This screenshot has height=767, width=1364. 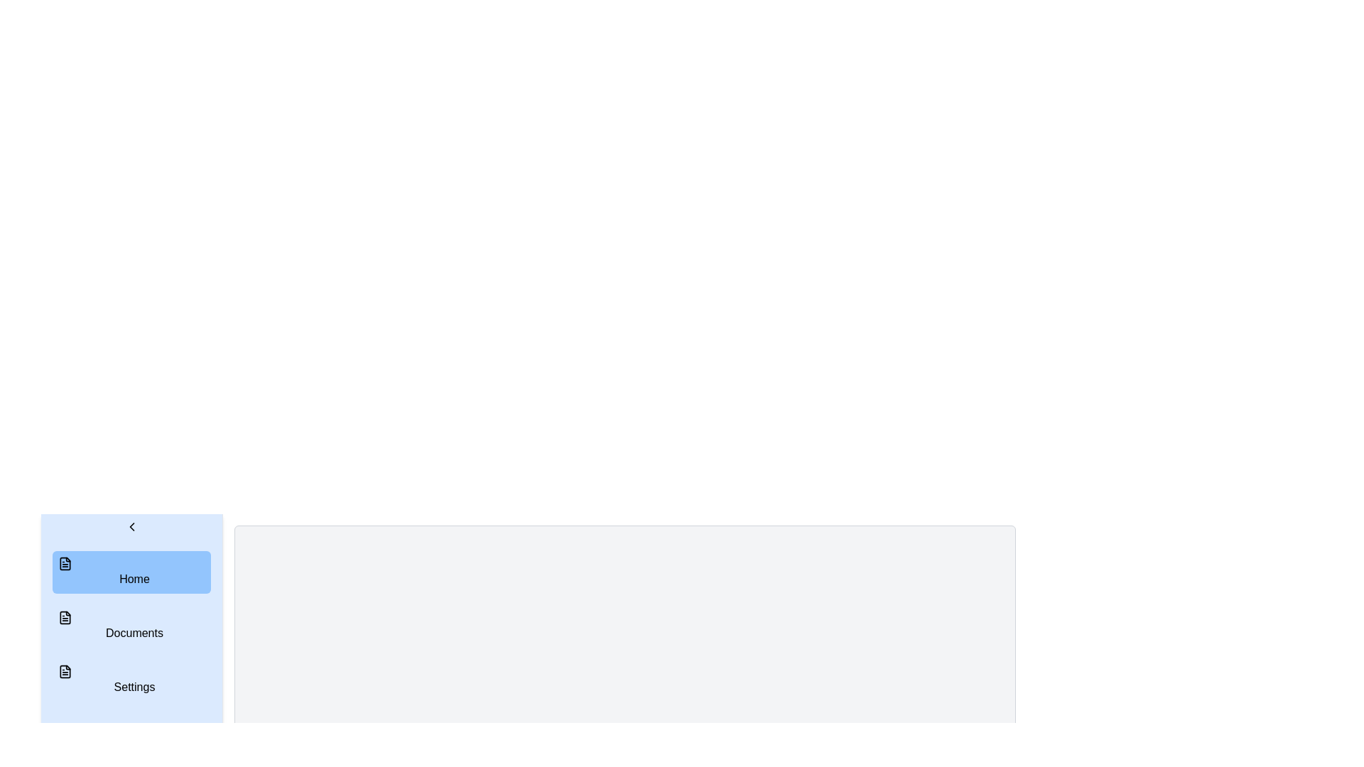 I want to click on the interactive button with a left-facing chevron icon, so click(x=131, y=526).